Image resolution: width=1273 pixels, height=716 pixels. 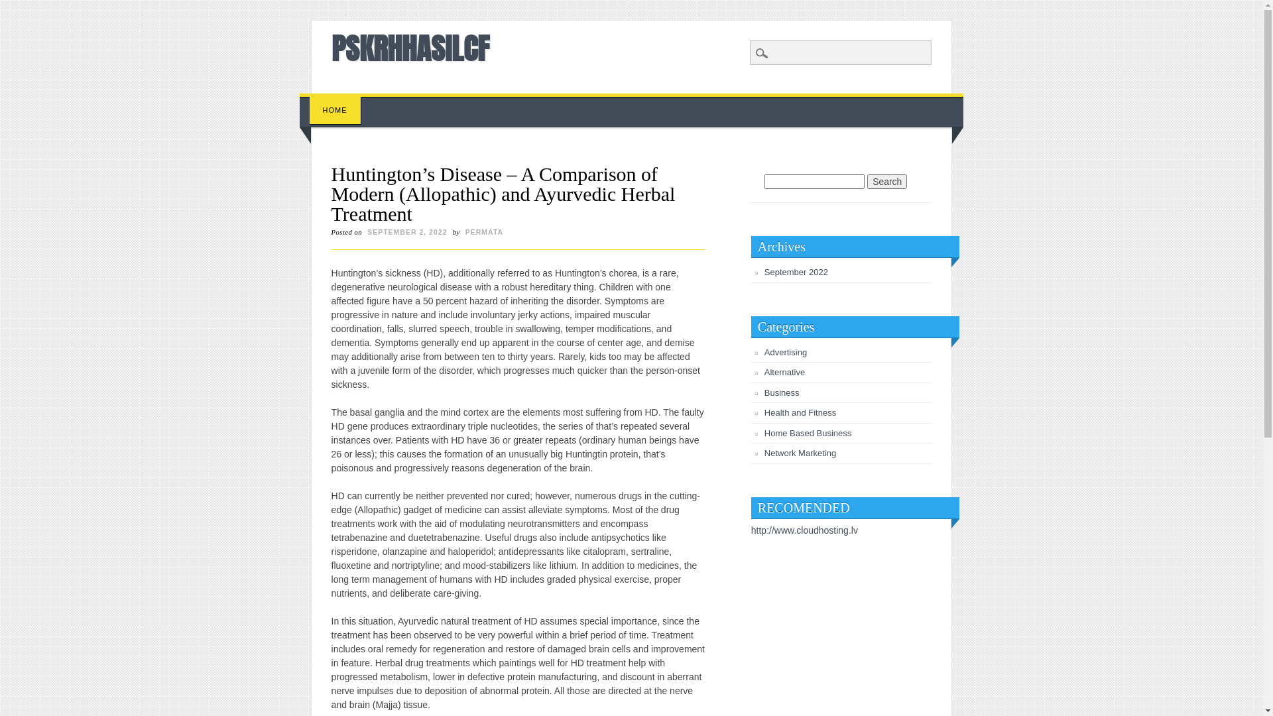 I want to click on 'Search', so click(x=19, y=7).